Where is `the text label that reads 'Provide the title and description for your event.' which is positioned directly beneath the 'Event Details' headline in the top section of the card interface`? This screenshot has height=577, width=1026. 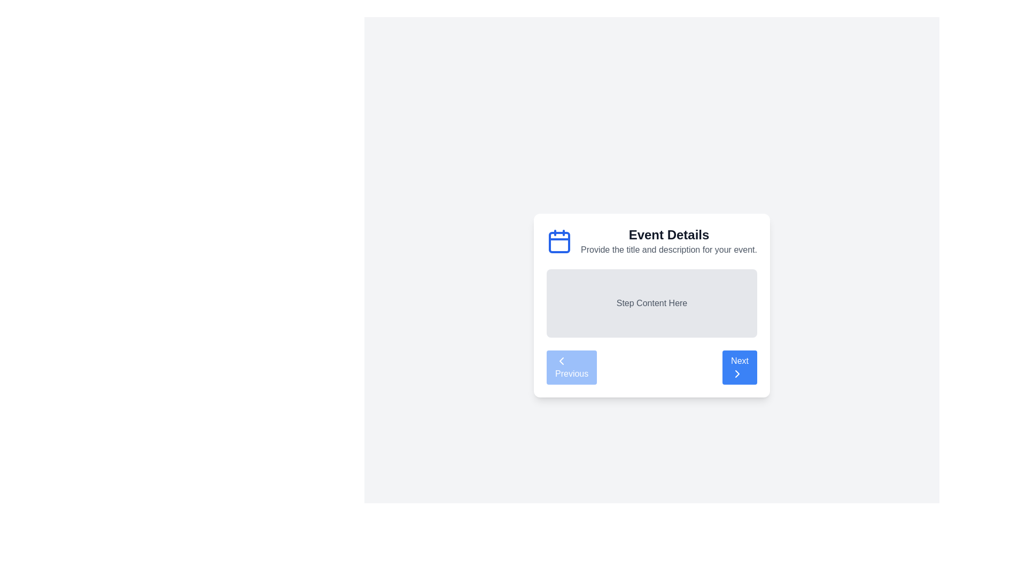 the text label that reads 'Provide the title and description for your event.' which is positioned directly beneath the 'Event Details' headline in the top section of the card interface is located at coordinates (669, 249).